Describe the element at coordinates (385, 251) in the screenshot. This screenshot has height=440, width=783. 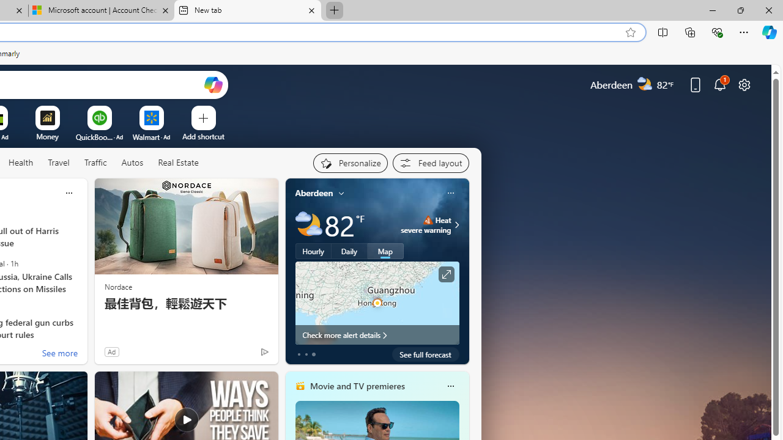
I see `'Map'` at that location.